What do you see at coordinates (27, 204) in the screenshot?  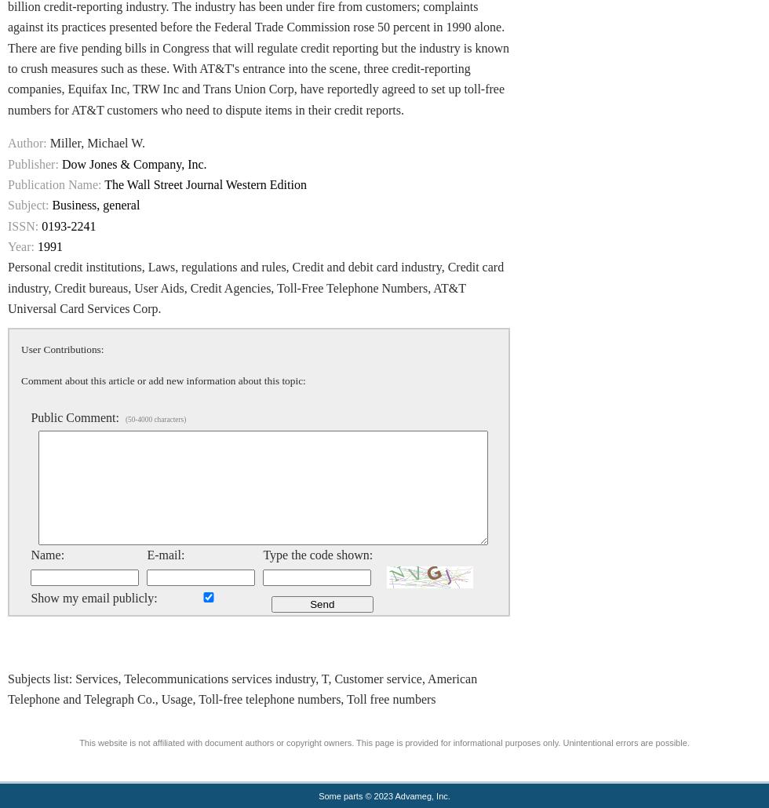 I see `'Subject:'` at bounding box center [27, 204].